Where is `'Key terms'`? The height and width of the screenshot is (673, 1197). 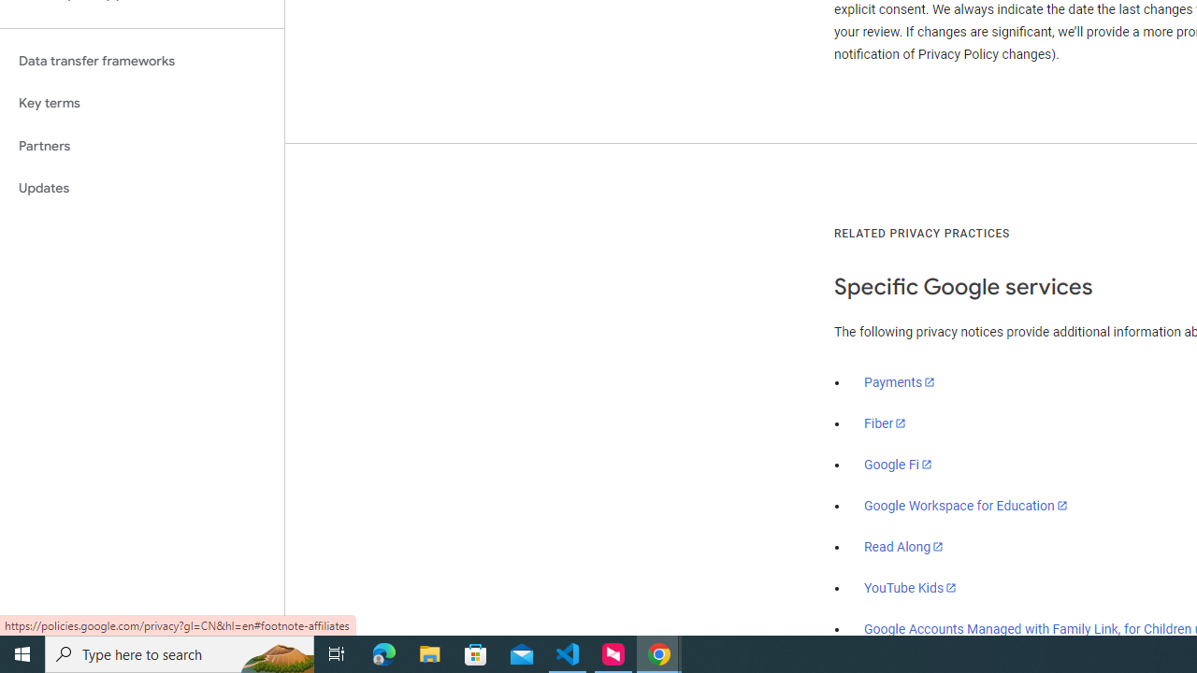 'Key terms' is located at coordinates (141, 103).